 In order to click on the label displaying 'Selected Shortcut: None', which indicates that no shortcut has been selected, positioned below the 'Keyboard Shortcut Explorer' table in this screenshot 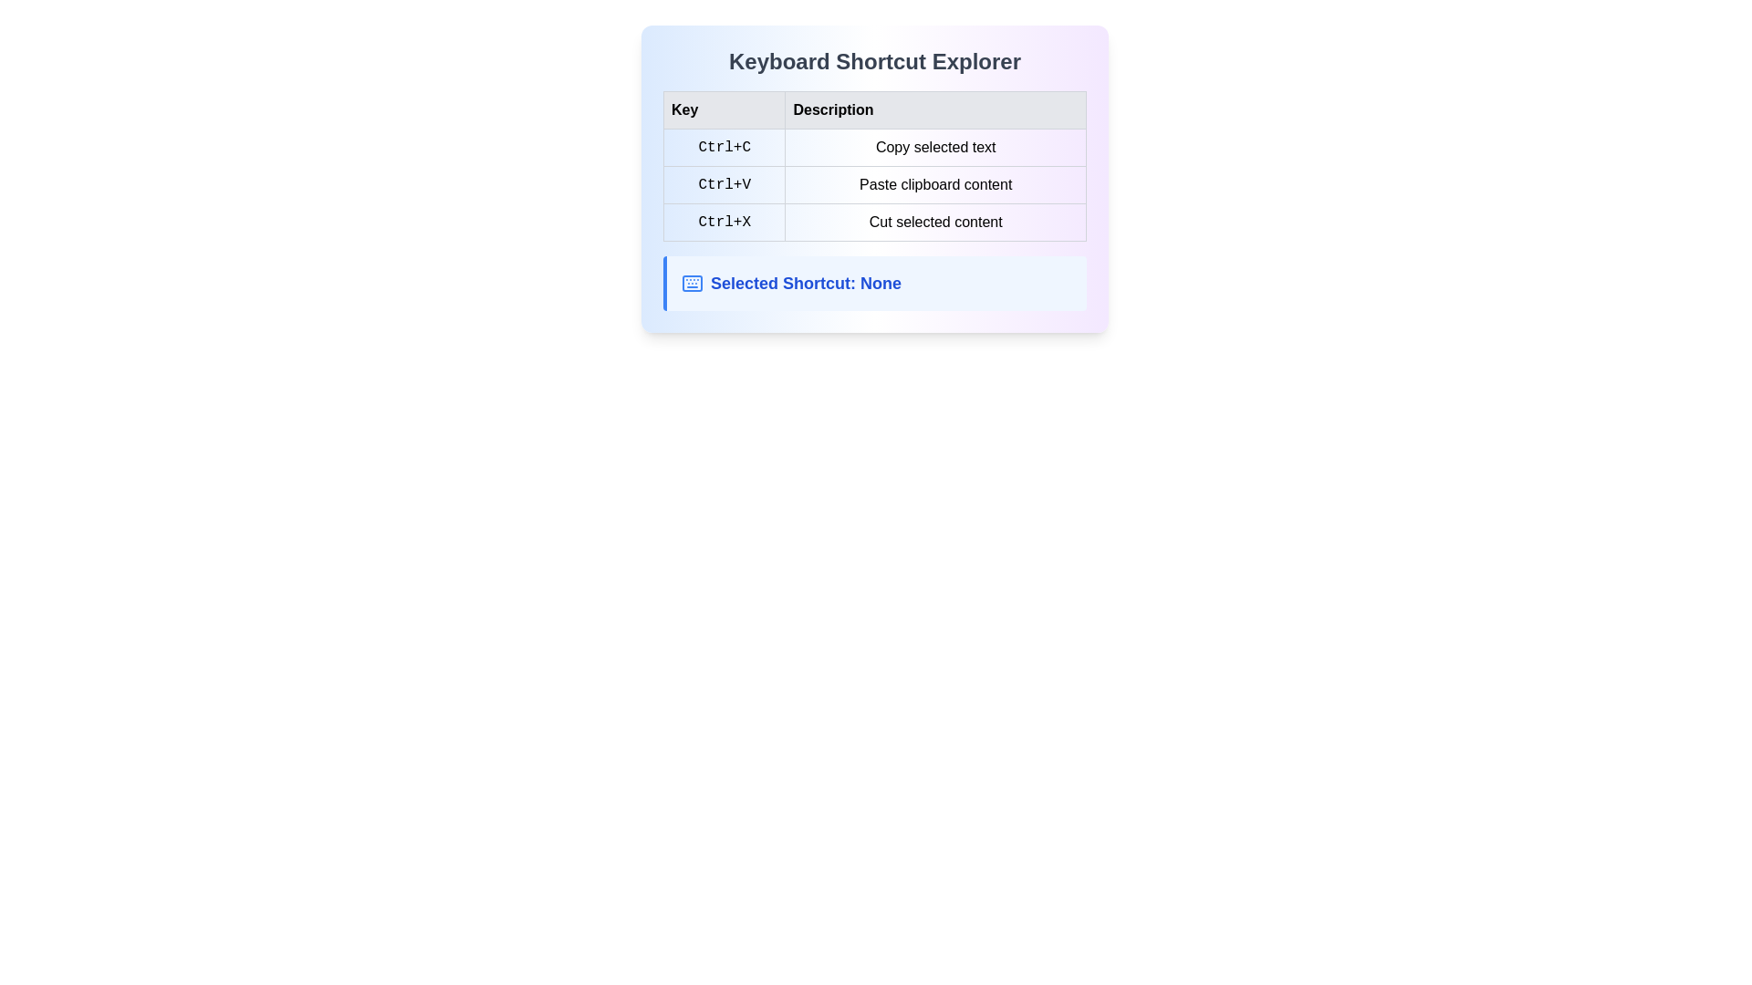, I will do `click(881, 284)`.